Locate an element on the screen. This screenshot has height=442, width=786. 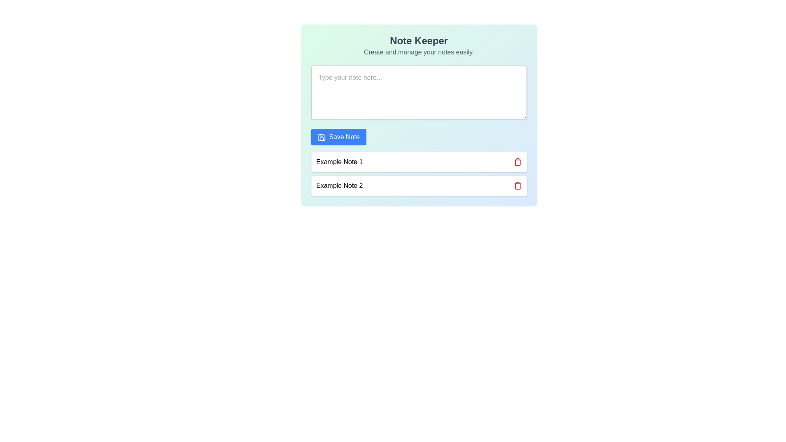
the heading and subheading text component located at the top of the card interface, which communicates the primary function and purpose of the application is located at coordinates (419, 45).